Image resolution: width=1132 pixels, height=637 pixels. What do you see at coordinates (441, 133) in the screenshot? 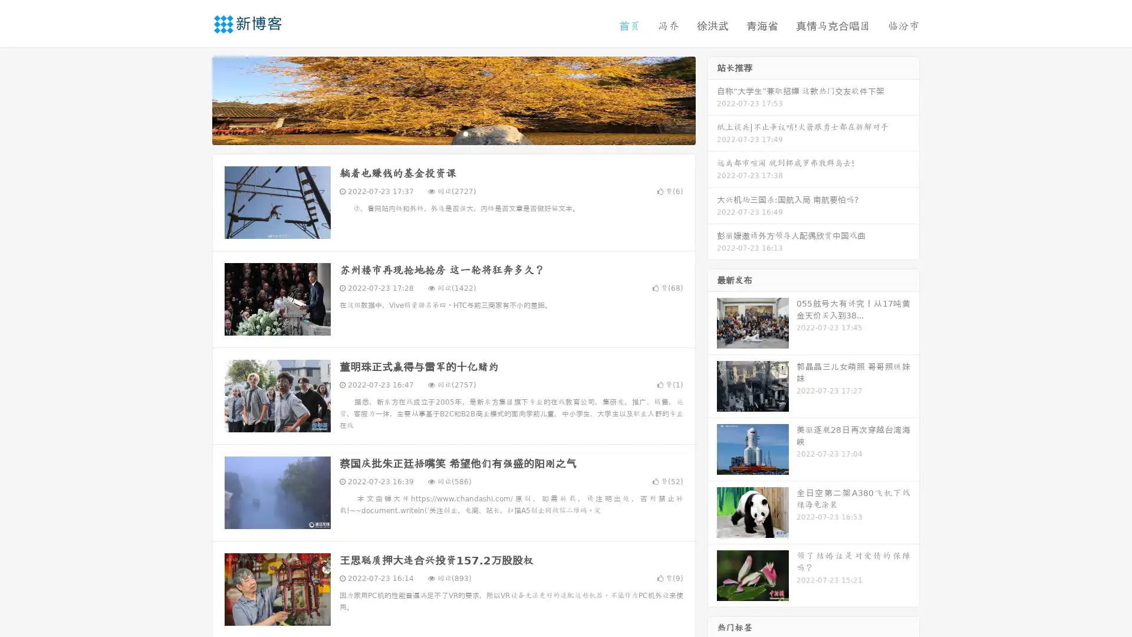
I see `Go to slide 1` at bounding box center [441, 133].